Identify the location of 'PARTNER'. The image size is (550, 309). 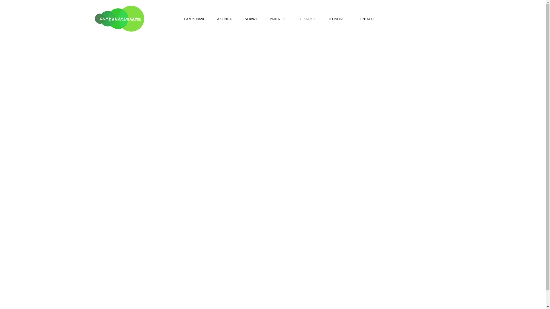
(277, 18).